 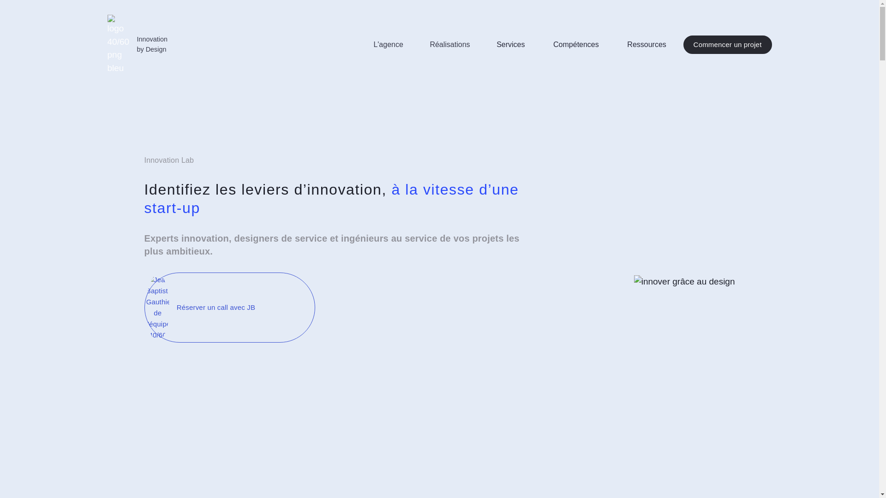 What do you see at coordinates (388, 44) in the screenshot?
I see `'L'agence'` at bounding box center [388, 44].